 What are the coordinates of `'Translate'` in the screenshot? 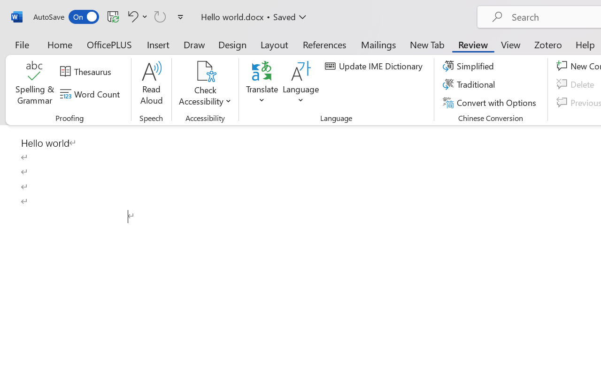 It's located at (262, 84).